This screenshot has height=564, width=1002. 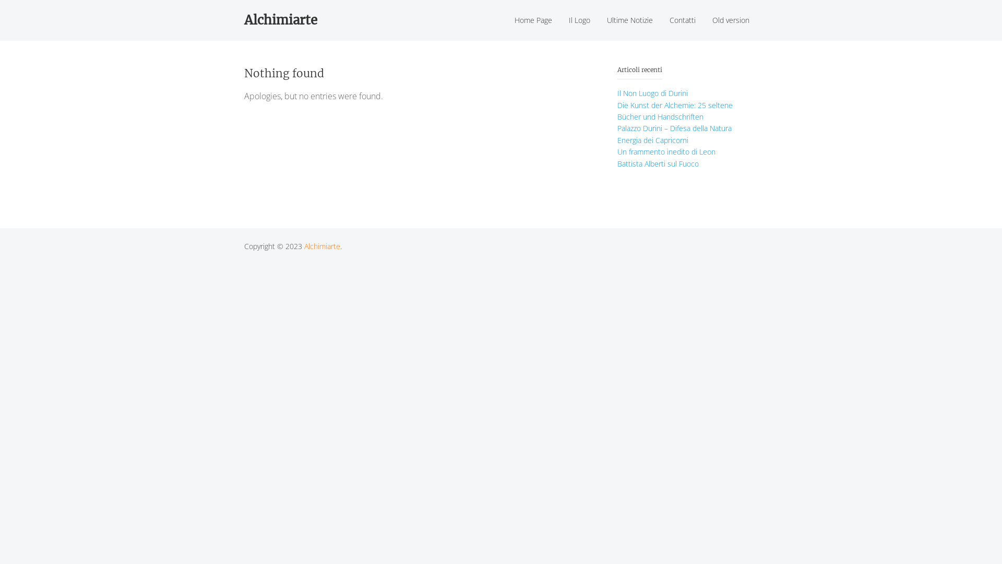 I want to click on 'Il Non Luogo di Durini', so click(x=652, y=92).